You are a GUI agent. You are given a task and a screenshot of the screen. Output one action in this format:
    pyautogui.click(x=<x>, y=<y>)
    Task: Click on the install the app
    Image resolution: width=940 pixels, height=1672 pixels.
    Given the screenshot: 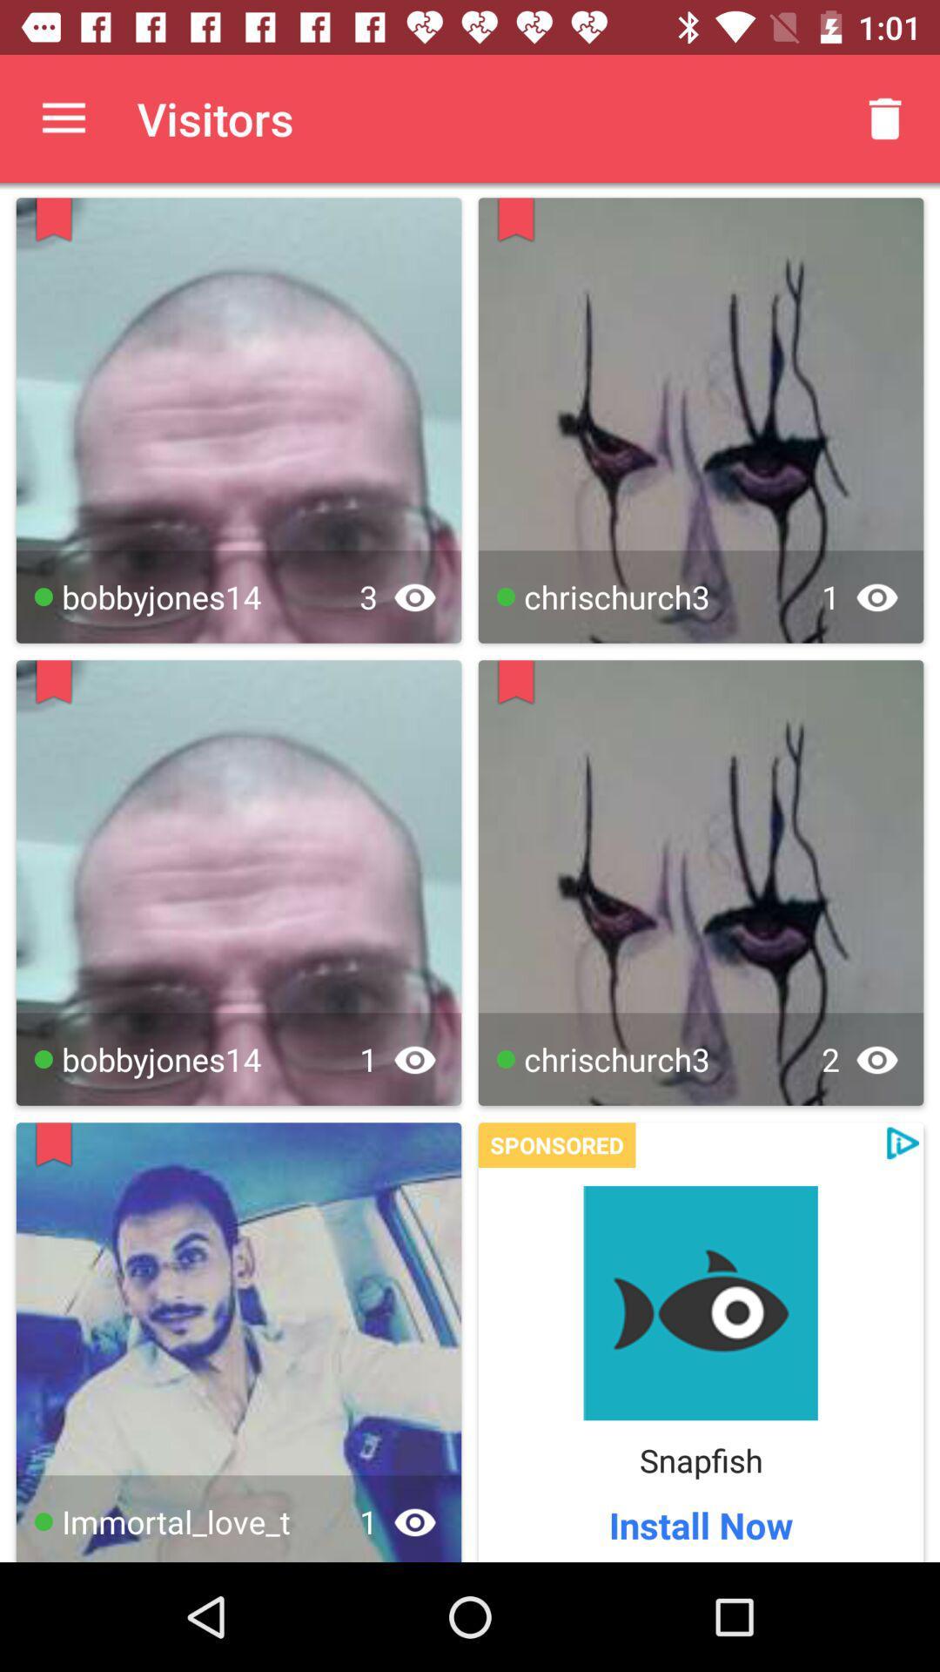 What is the action you would take?
    pyautogui.click(x=700, y=1303)
    